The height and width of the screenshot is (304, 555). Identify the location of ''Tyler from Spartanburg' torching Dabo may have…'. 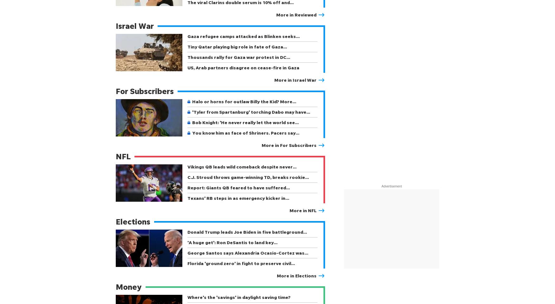
(251, 112).